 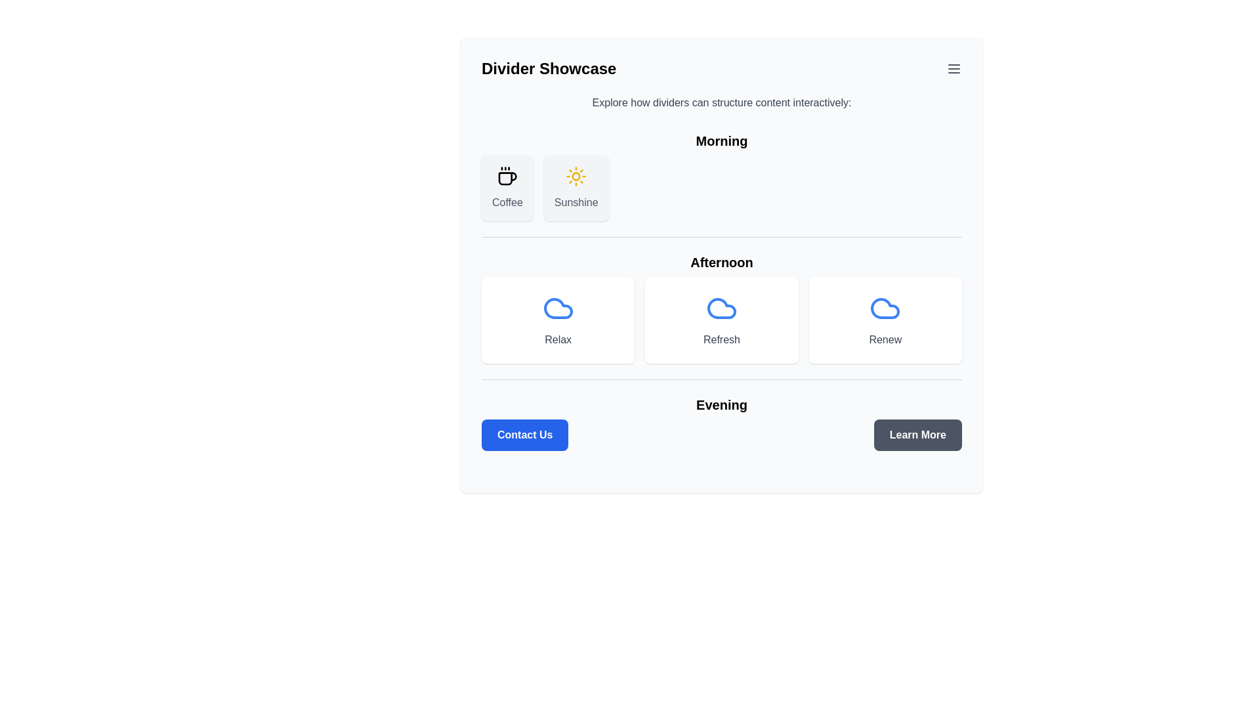 I want to click on the card representing sunshine, which is the second element in the 'Morning' section, located to the right of the 'Coffee' card, so click(x=576, y=188).